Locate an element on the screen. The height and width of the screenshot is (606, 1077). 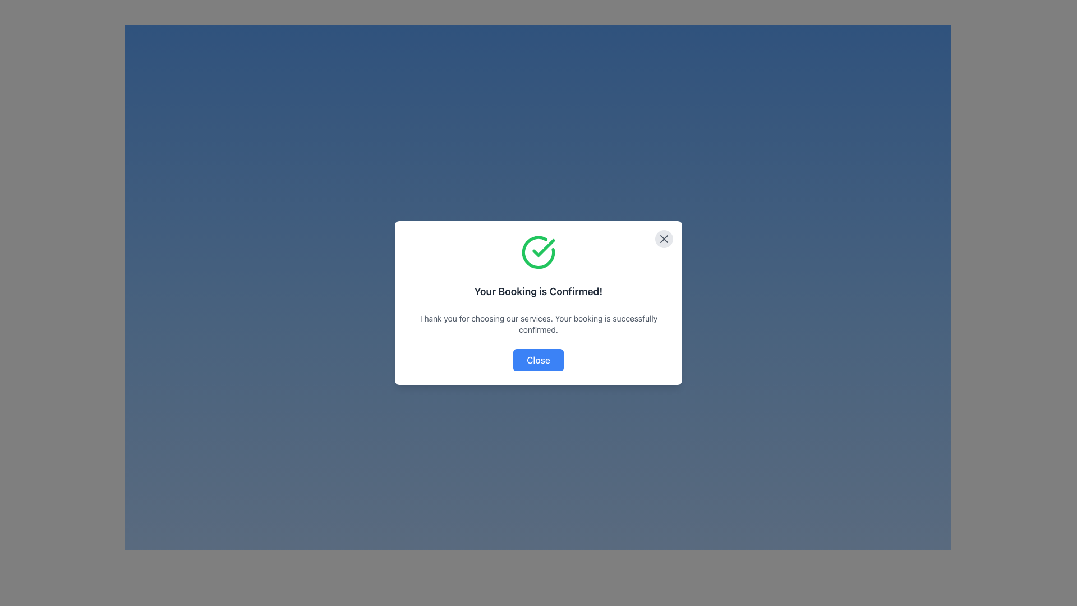
the 'Close' button at the bottom-center of the modal dialog is located at coordinates (538, 360).